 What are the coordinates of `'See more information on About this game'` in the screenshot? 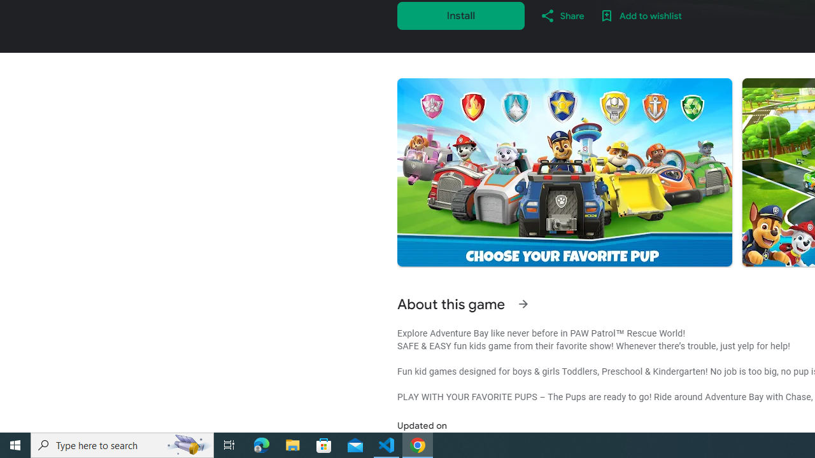 It's located at (523, 304).